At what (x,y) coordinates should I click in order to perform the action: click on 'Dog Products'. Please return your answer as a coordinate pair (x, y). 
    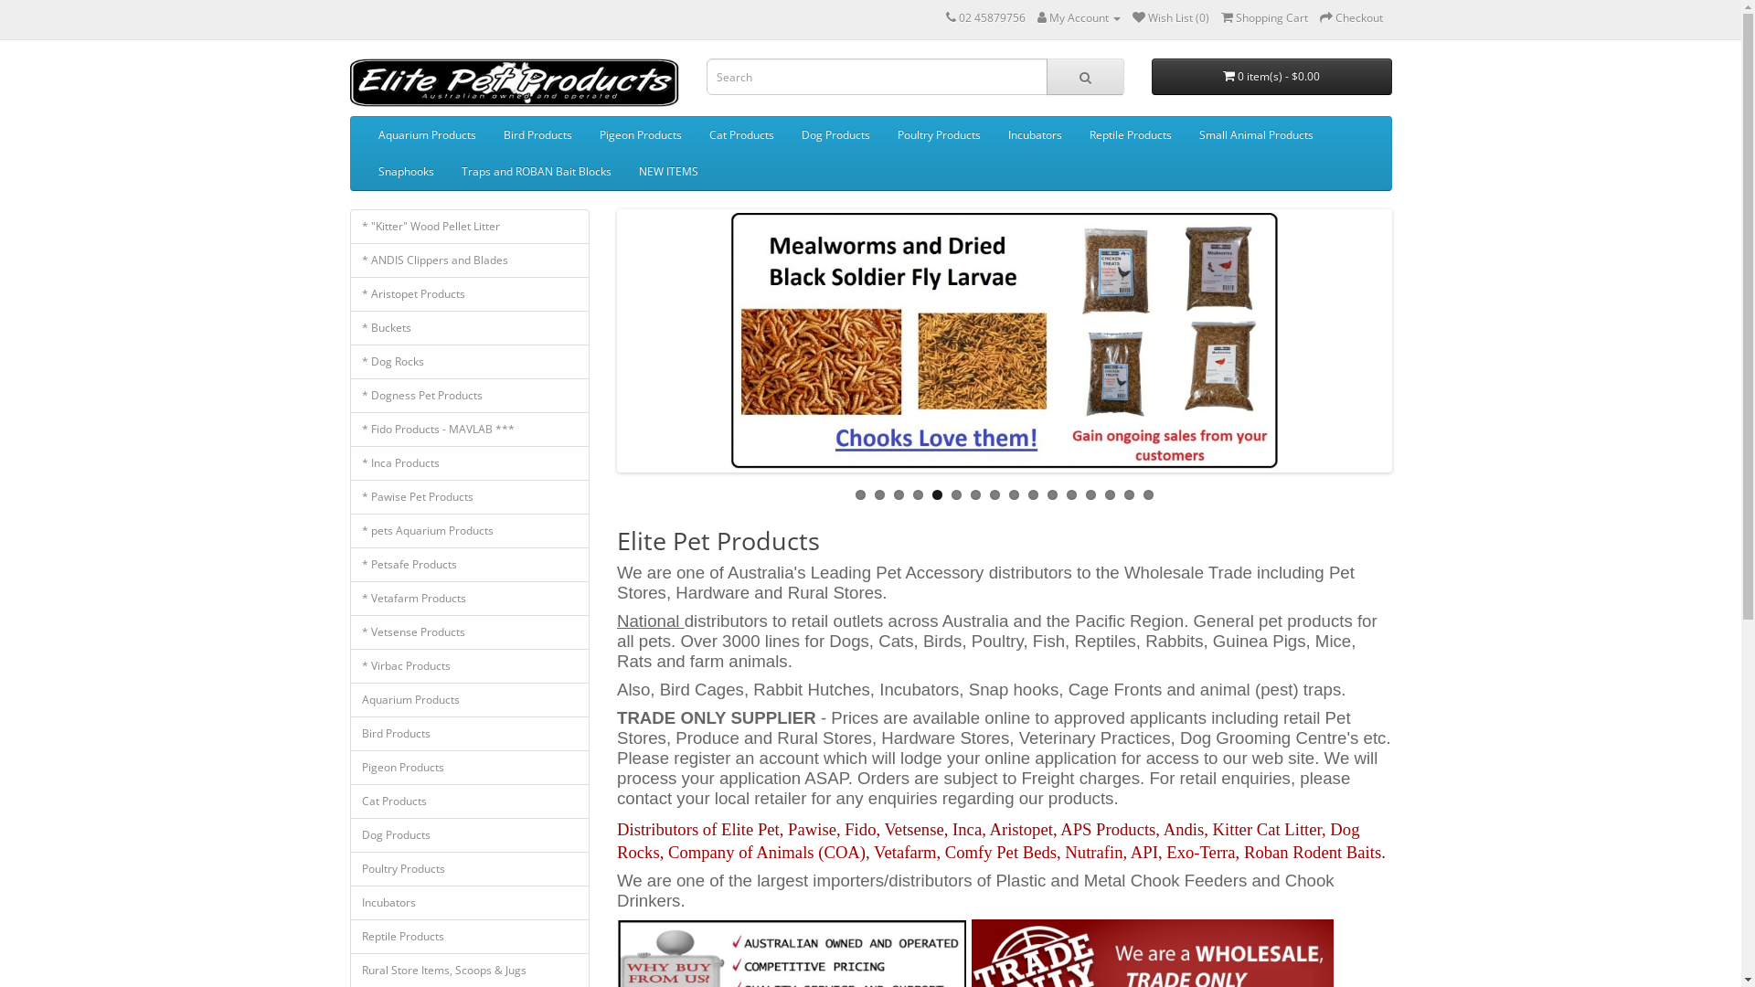
    Looking at the image, I should click on (349, 834).